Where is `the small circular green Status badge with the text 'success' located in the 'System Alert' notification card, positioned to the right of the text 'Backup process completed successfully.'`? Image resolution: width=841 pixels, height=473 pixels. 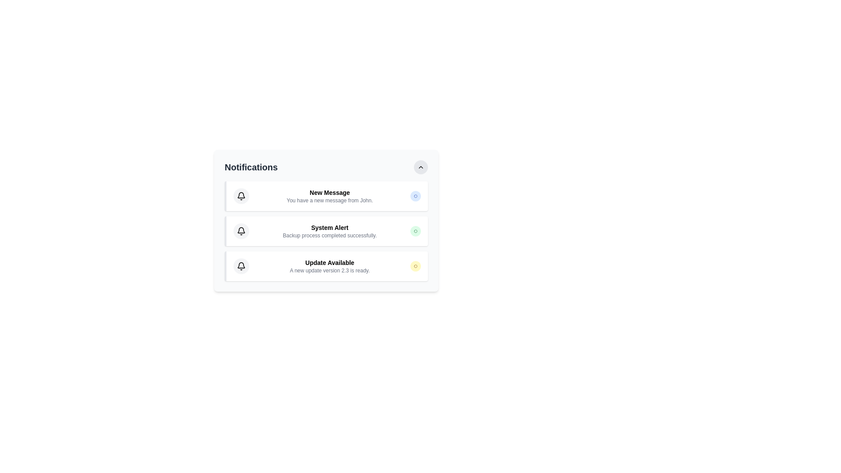 the small circular green Status badge with the text 'success' located in the 'System Alert' notification card, positioned to the right of the text 'Backup process completed successfully.' is located at coordinates (415, 231).